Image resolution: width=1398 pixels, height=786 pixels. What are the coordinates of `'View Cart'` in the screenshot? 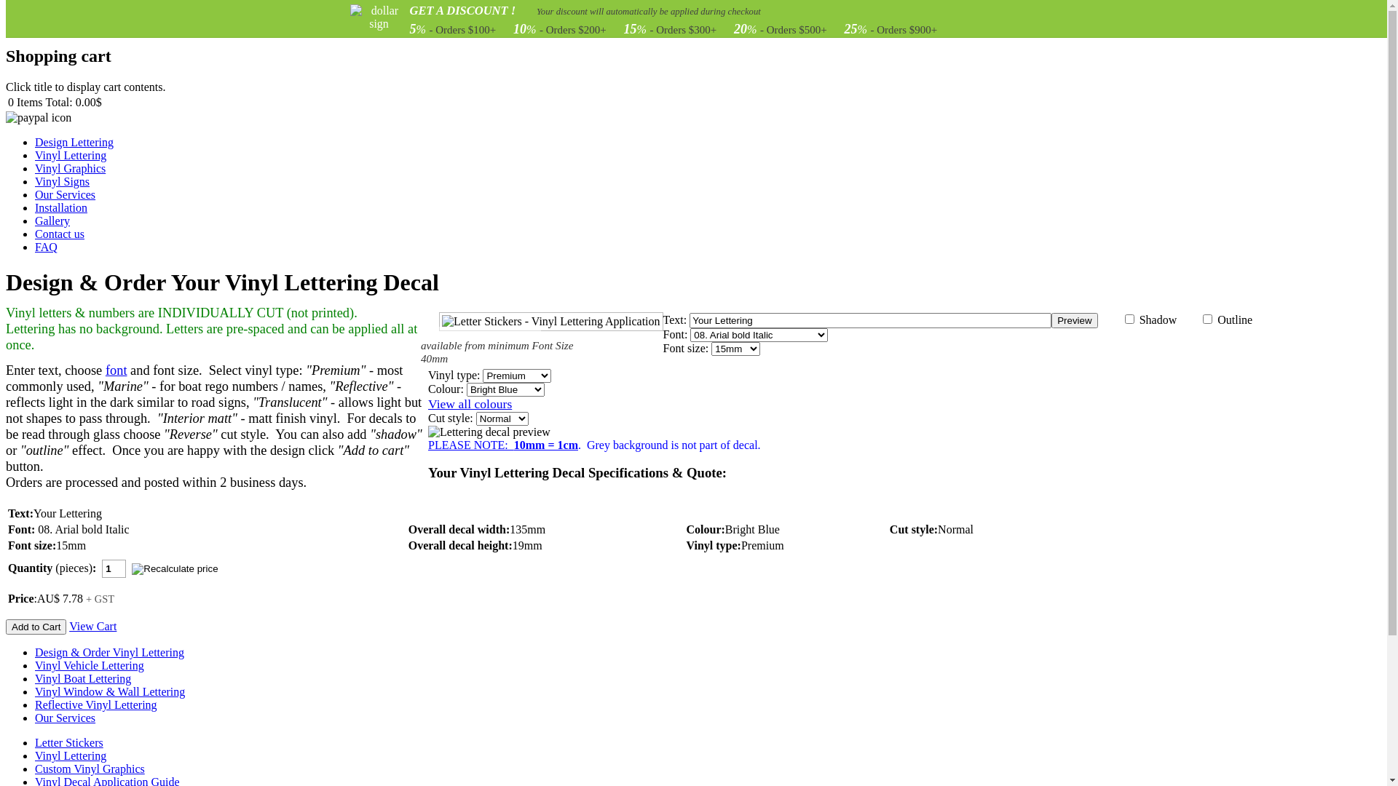 It's located at (92, 625).